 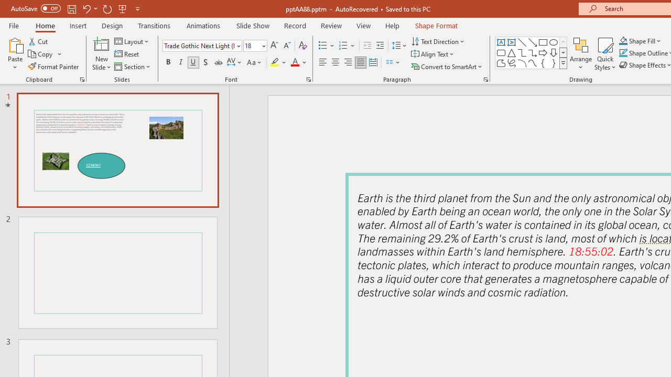 What do you see at coordinates (623, 40) in the screenshot?
I see `'Shape Fill Aqua, Accent 2'` at bounding box center [623, 40].